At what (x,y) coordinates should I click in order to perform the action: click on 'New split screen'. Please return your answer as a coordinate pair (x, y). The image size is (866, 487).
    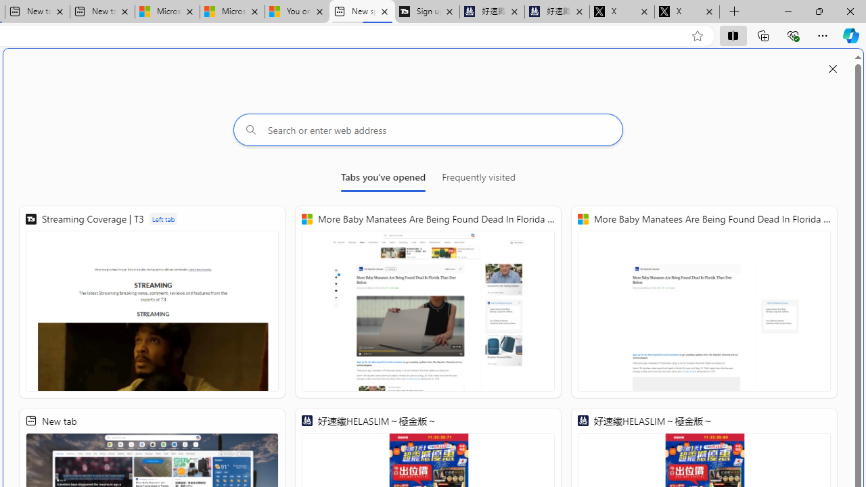
    Looking at the image, I should click on (362, 11).